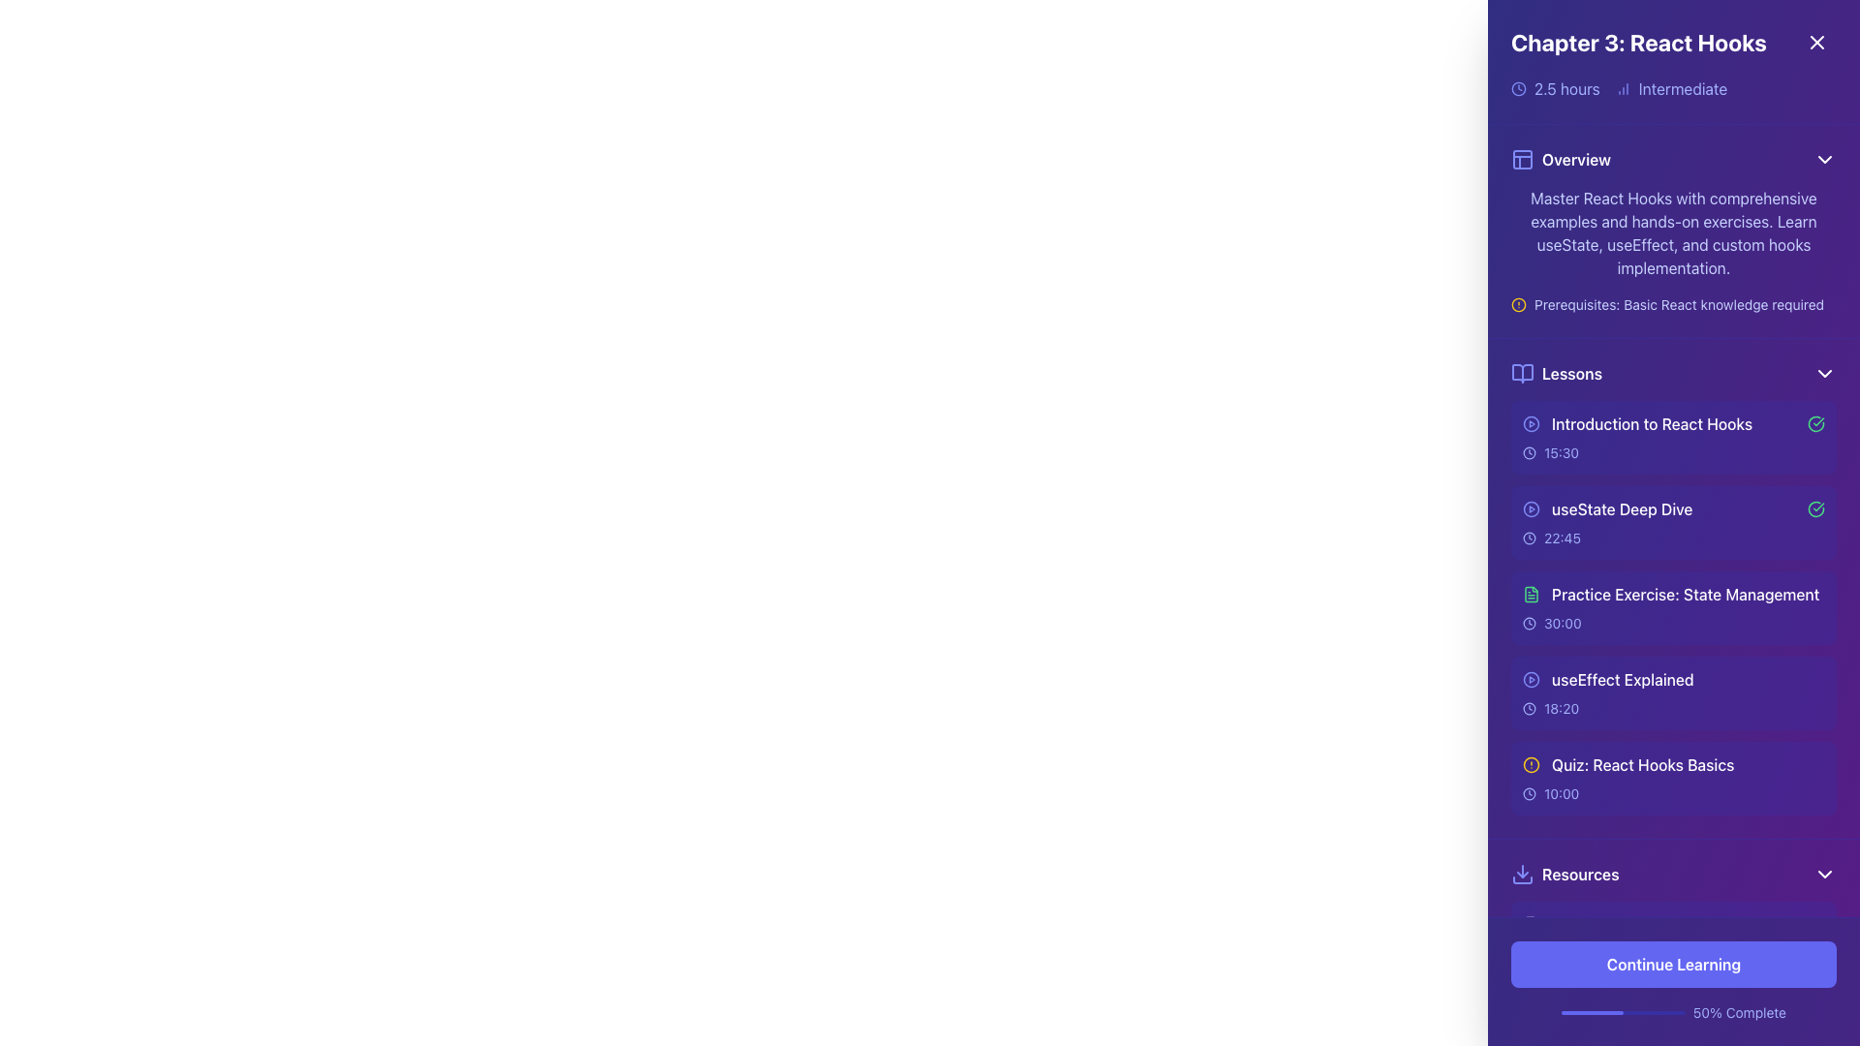  I want to click on the first item in the 'Lessons' section titled 'Introduction to React Hooks', so click(1673, 437).